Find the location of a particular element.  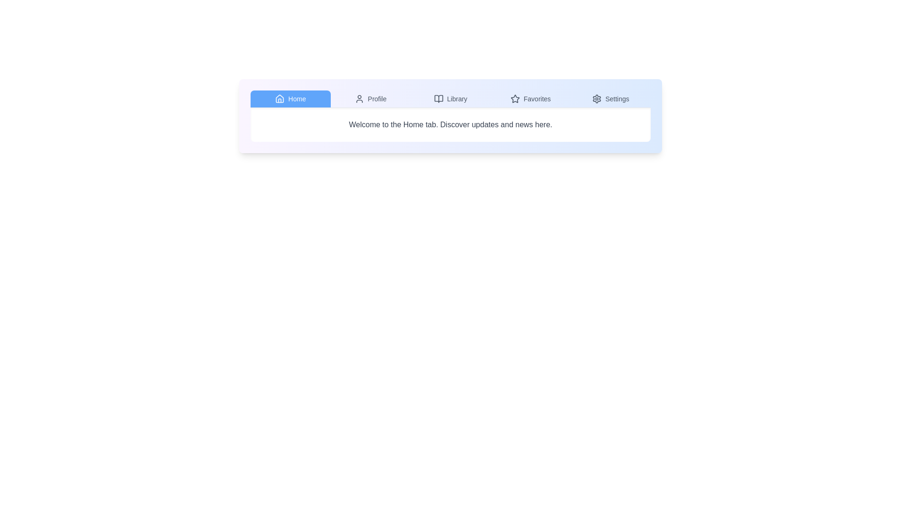

the 'Settings' text label, which is styled in a regular sans-serif font, grayish color, located in the top navigation bar towards the right, next to the settings gear icon is located at coordinates (617, 99).